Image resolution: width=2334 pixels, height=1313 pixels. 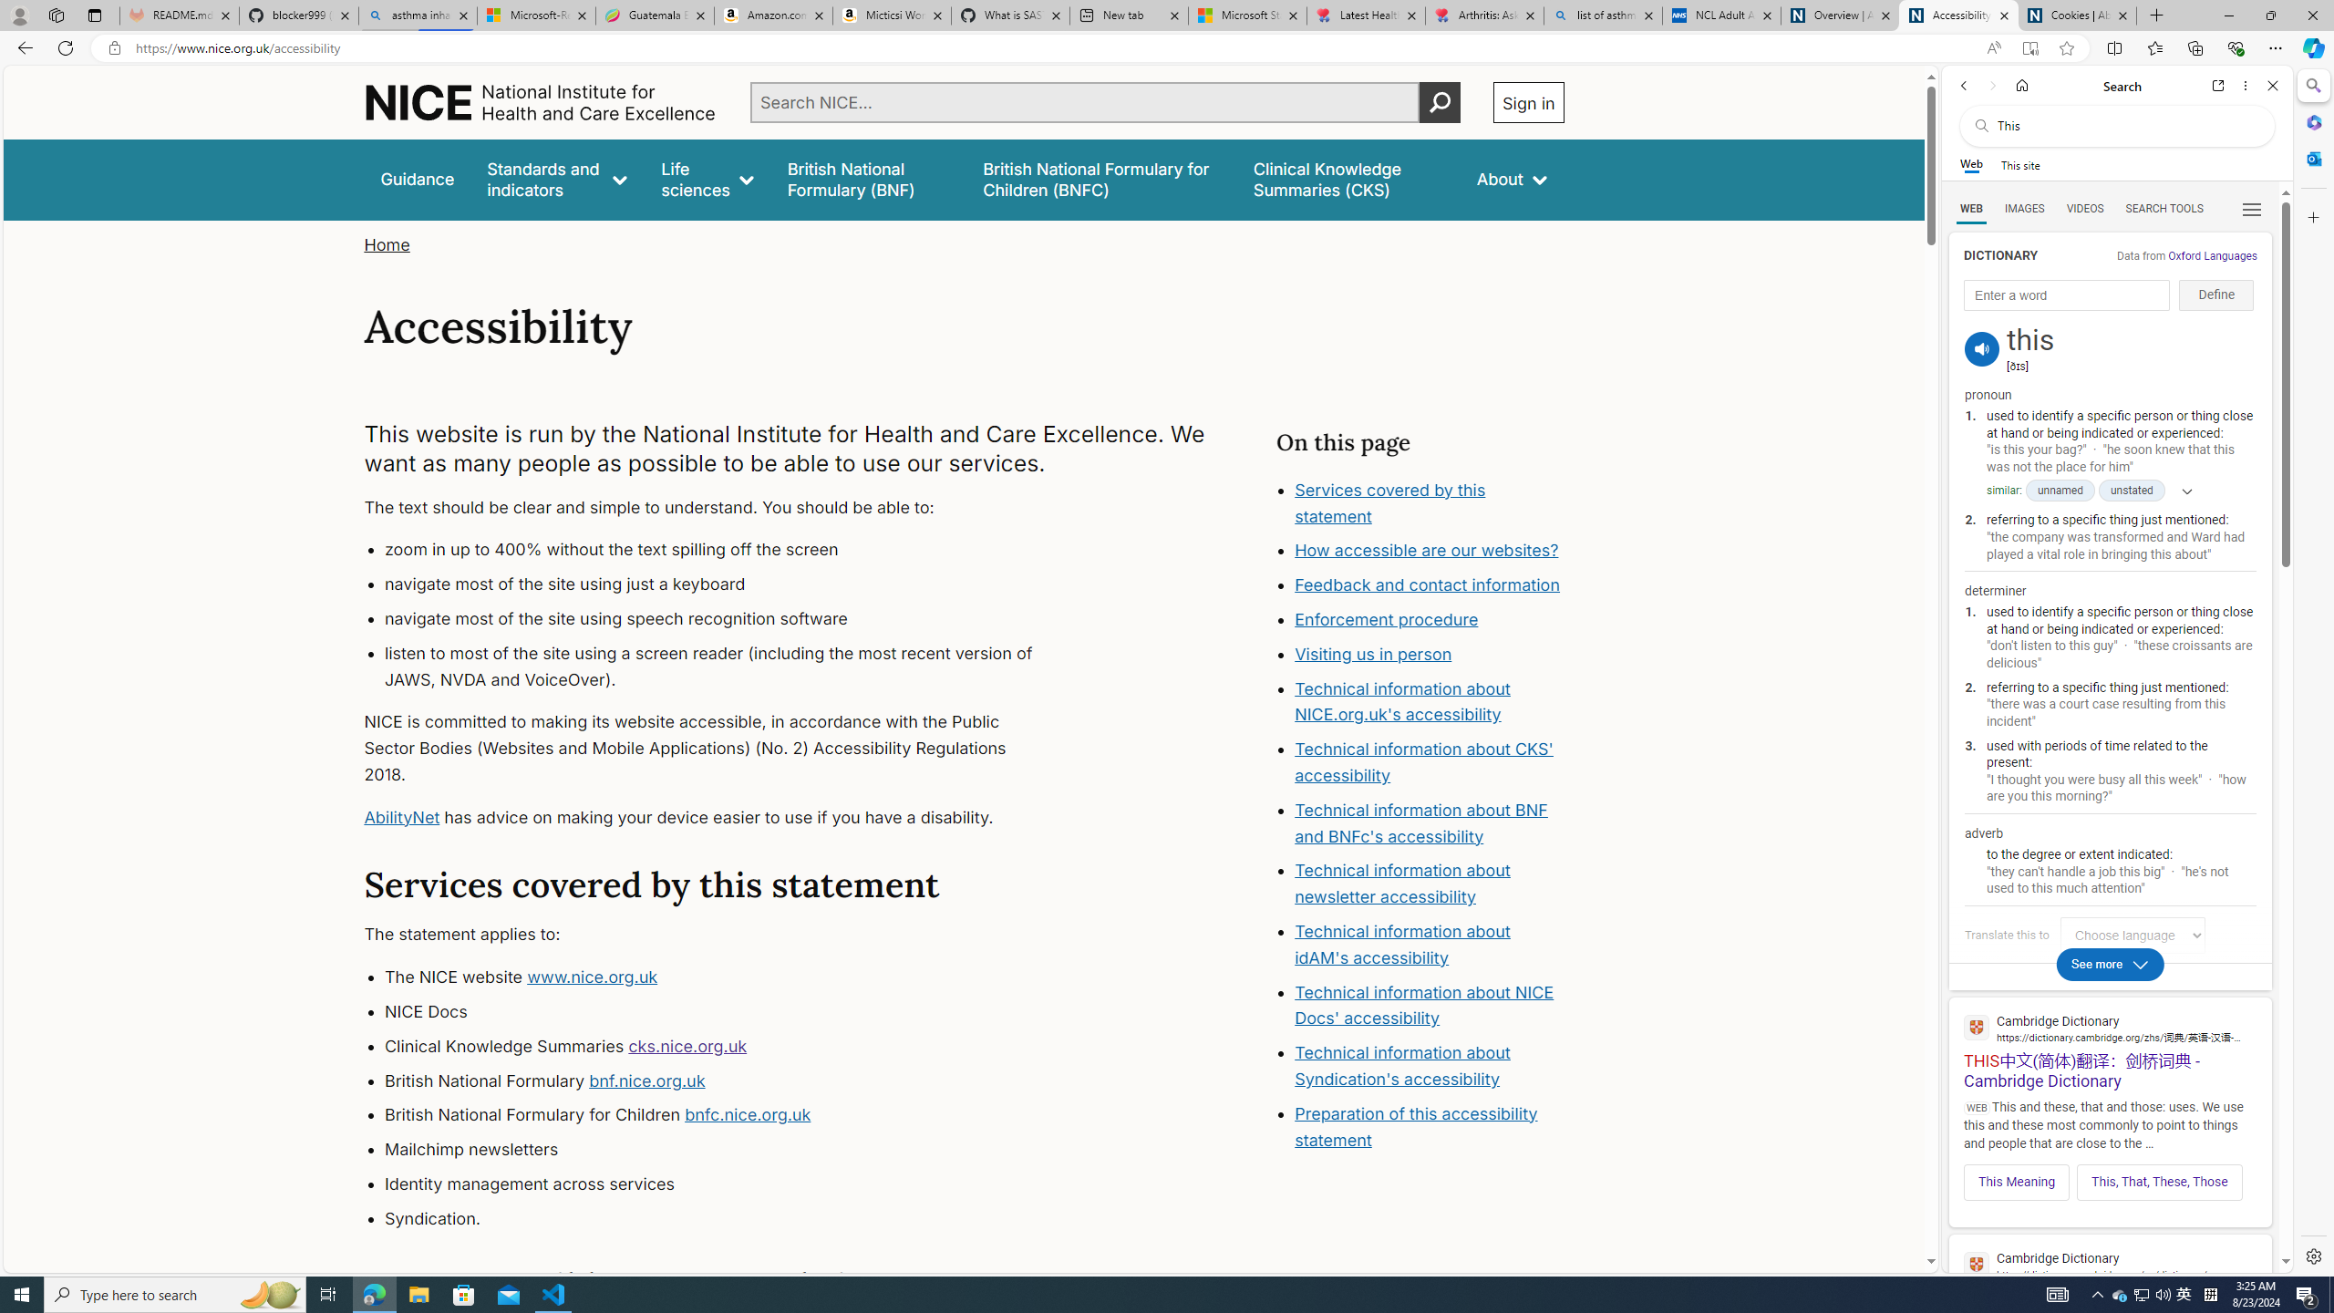 What do you see at coordinates (725, 617) in the screenshot?
I see `'navigate most of the site using speech recognition software'` at bounding box center [725, 617].